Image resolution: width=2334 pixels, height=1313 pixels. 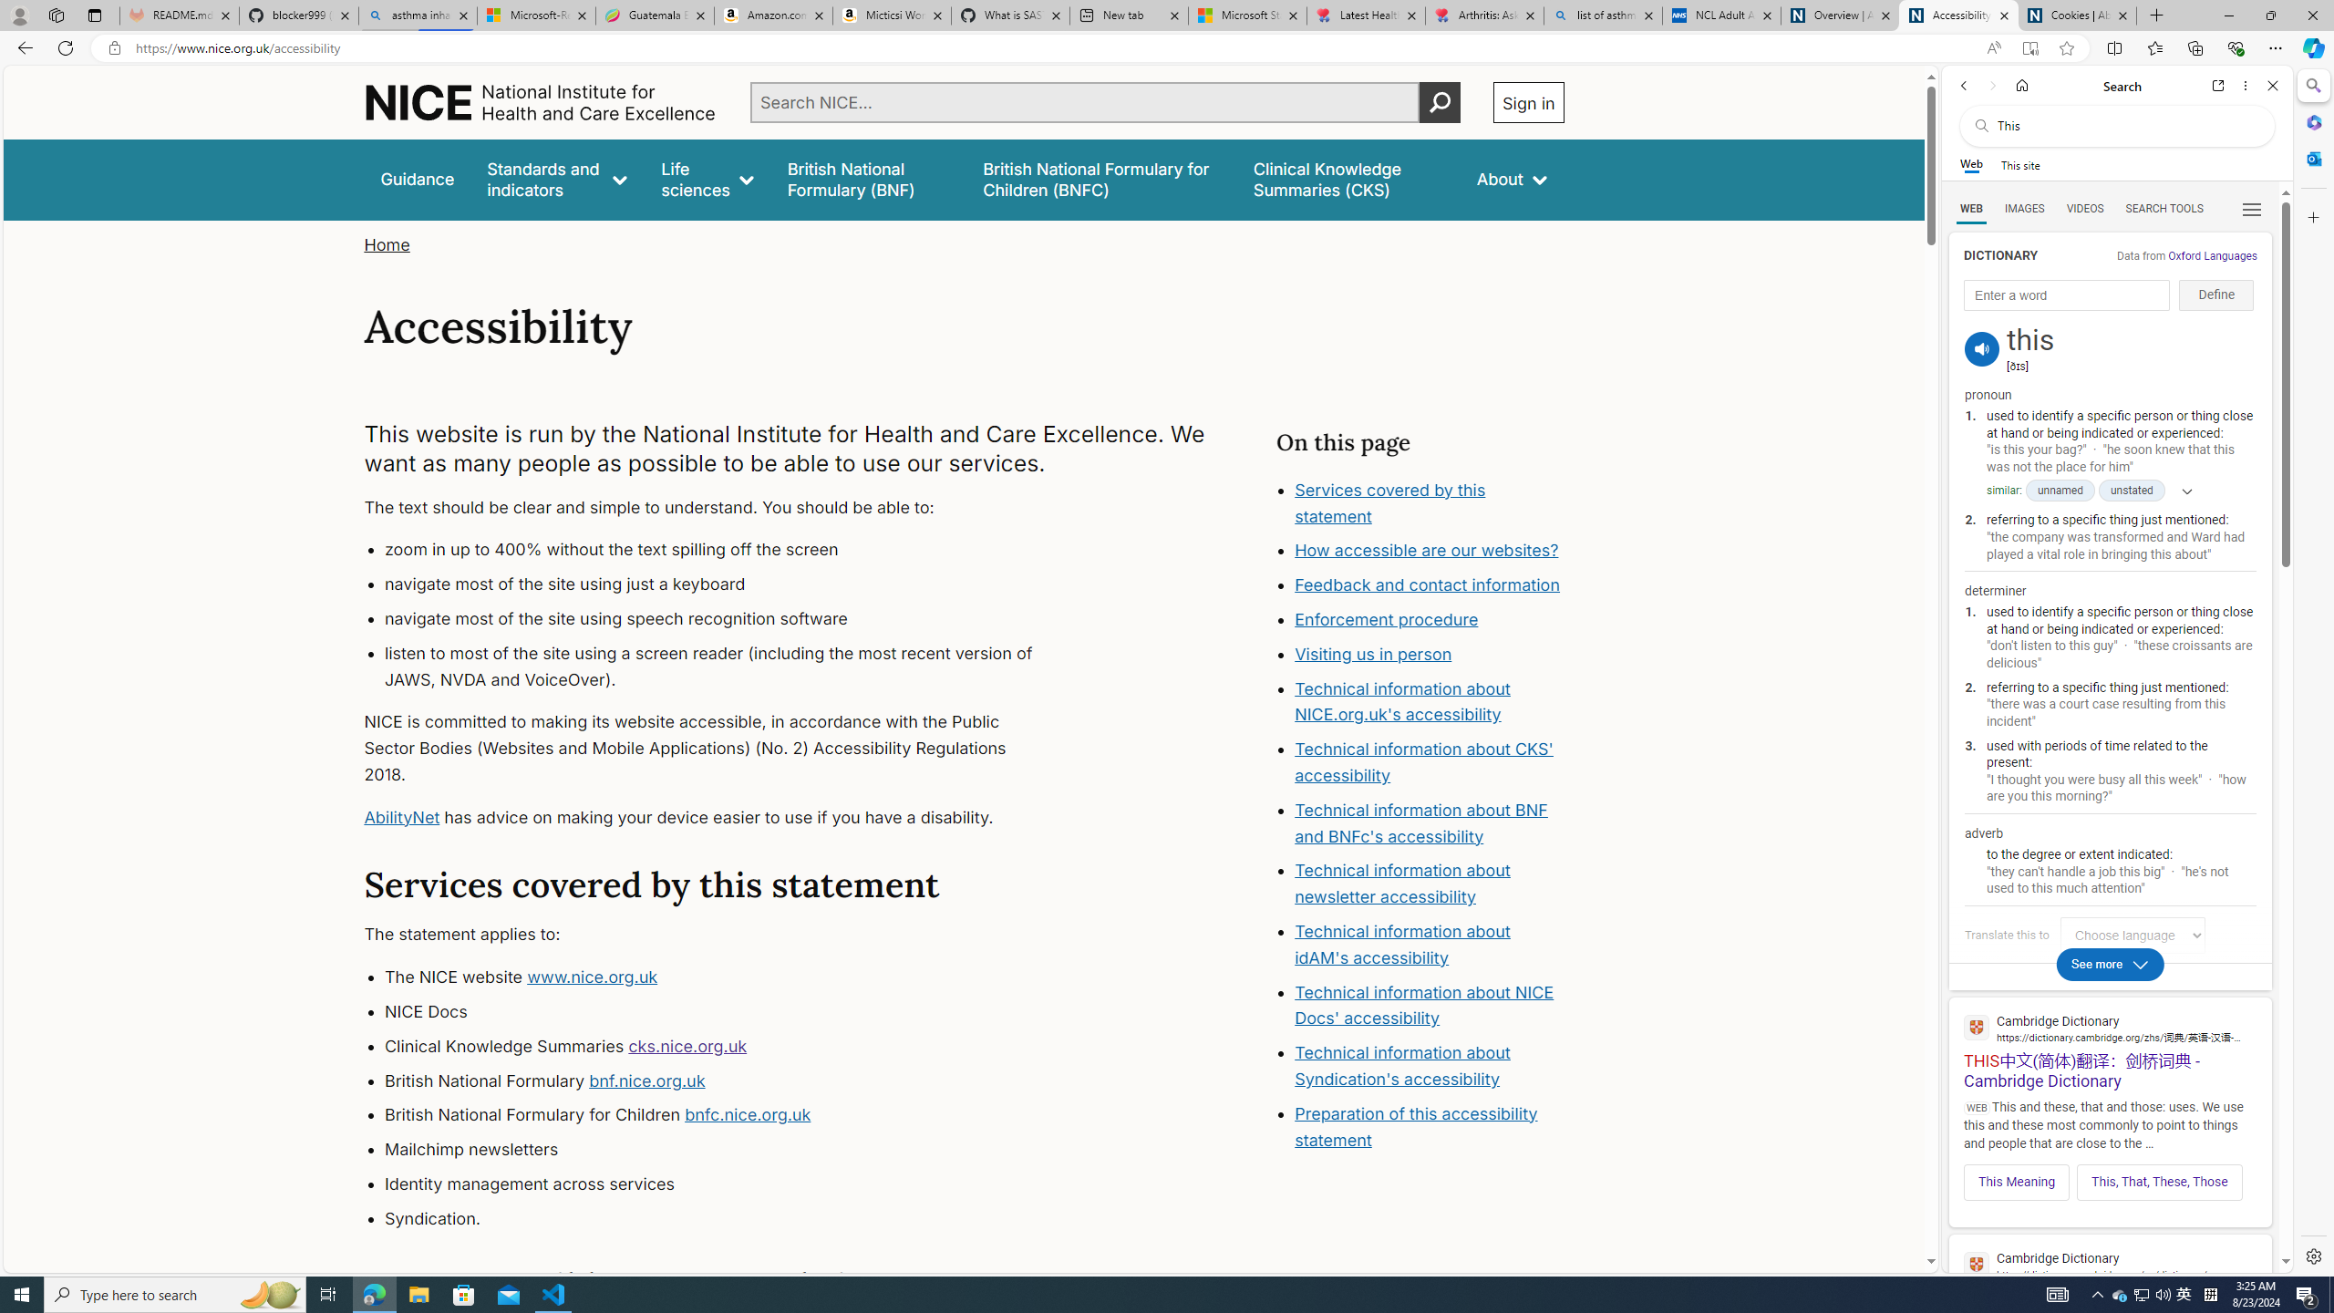 What do you see at coordinates (725, 617) in the screenshot?
I see `'navigate most of the site using speech recognition software'` at bounding box center [725, 617].